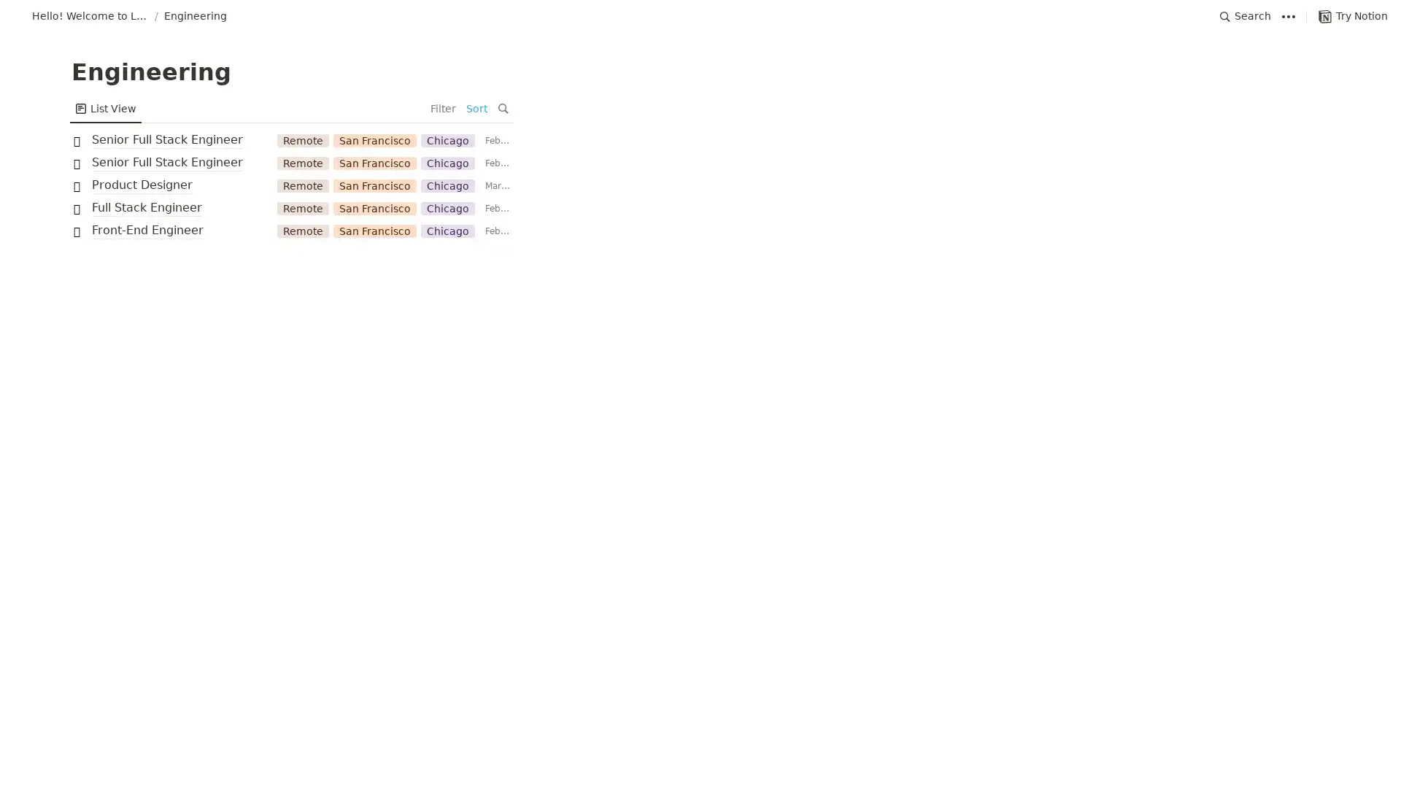  I want to click on Filter, so click(1259, 108).